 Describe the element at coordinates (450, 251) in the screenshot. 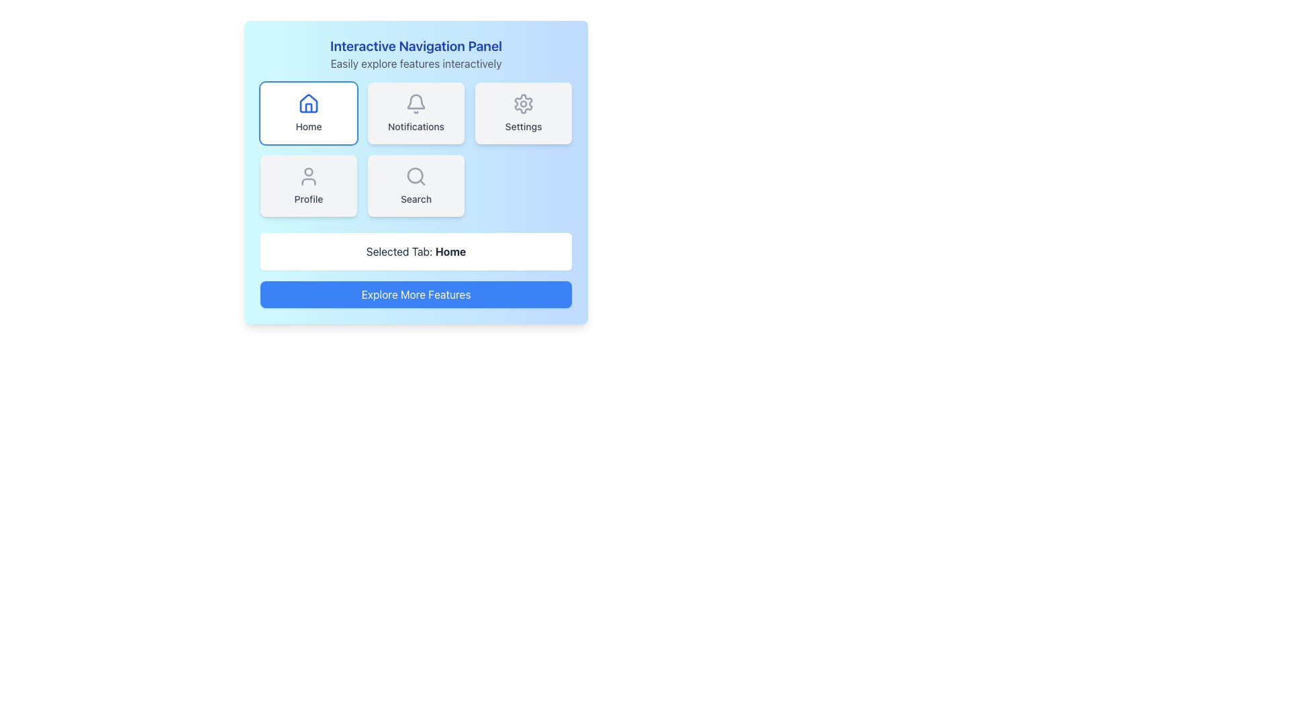

I see `the 'Home' text label, which is a bold, dark-colored status indicator located next to 'Selected Tab:' in the lower section of the interface` at that location.